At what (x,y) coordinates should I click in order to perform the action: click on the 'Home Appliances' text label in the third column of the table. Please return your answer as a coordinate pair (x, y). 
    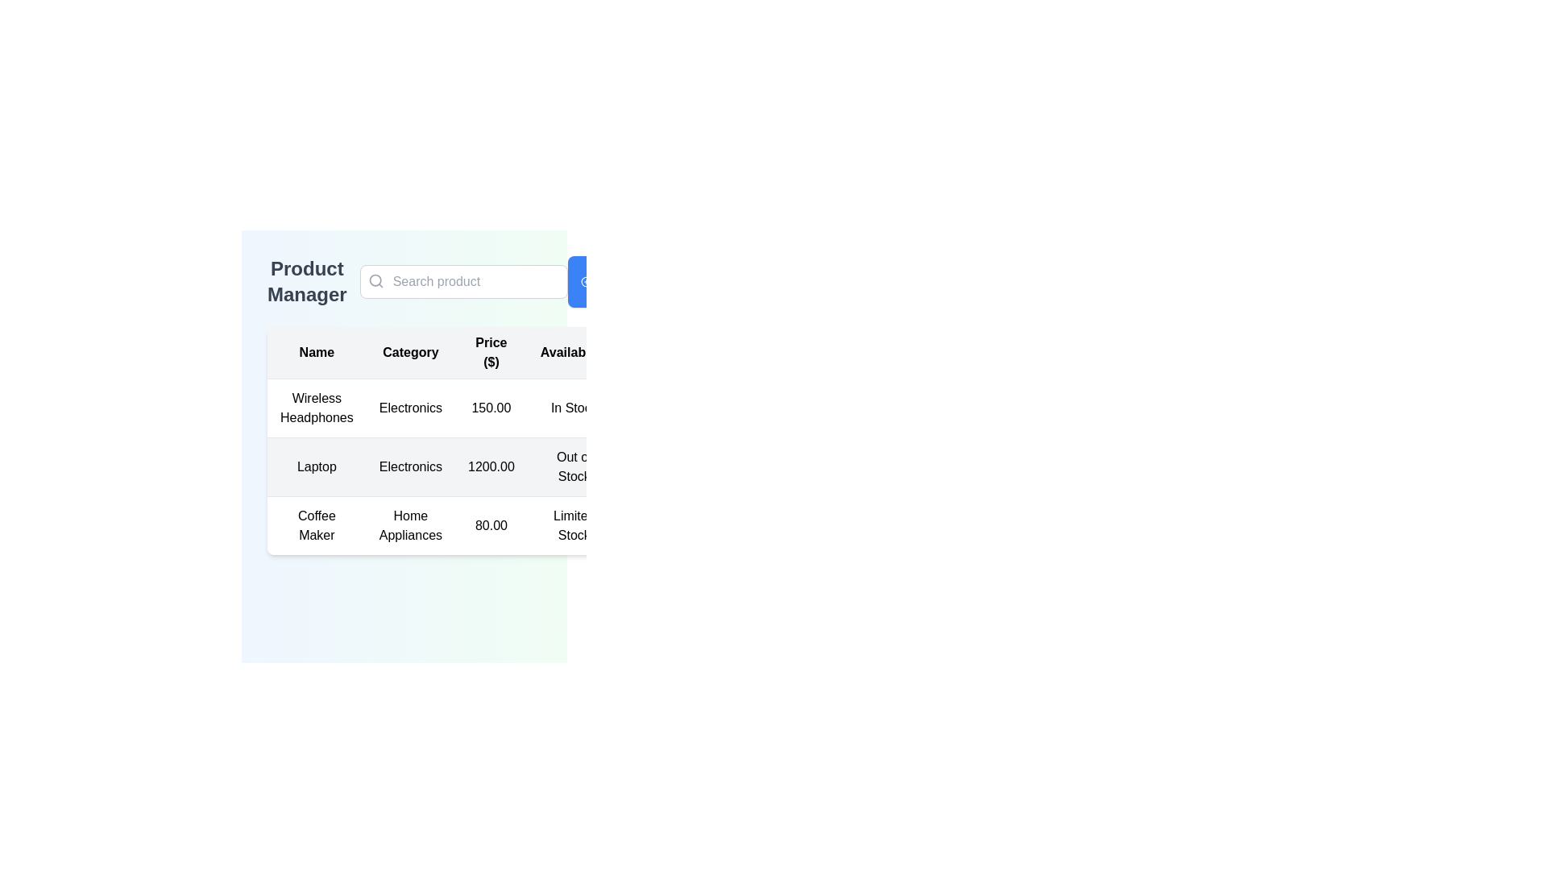
    Looking at the image, I should click on (410, 525).